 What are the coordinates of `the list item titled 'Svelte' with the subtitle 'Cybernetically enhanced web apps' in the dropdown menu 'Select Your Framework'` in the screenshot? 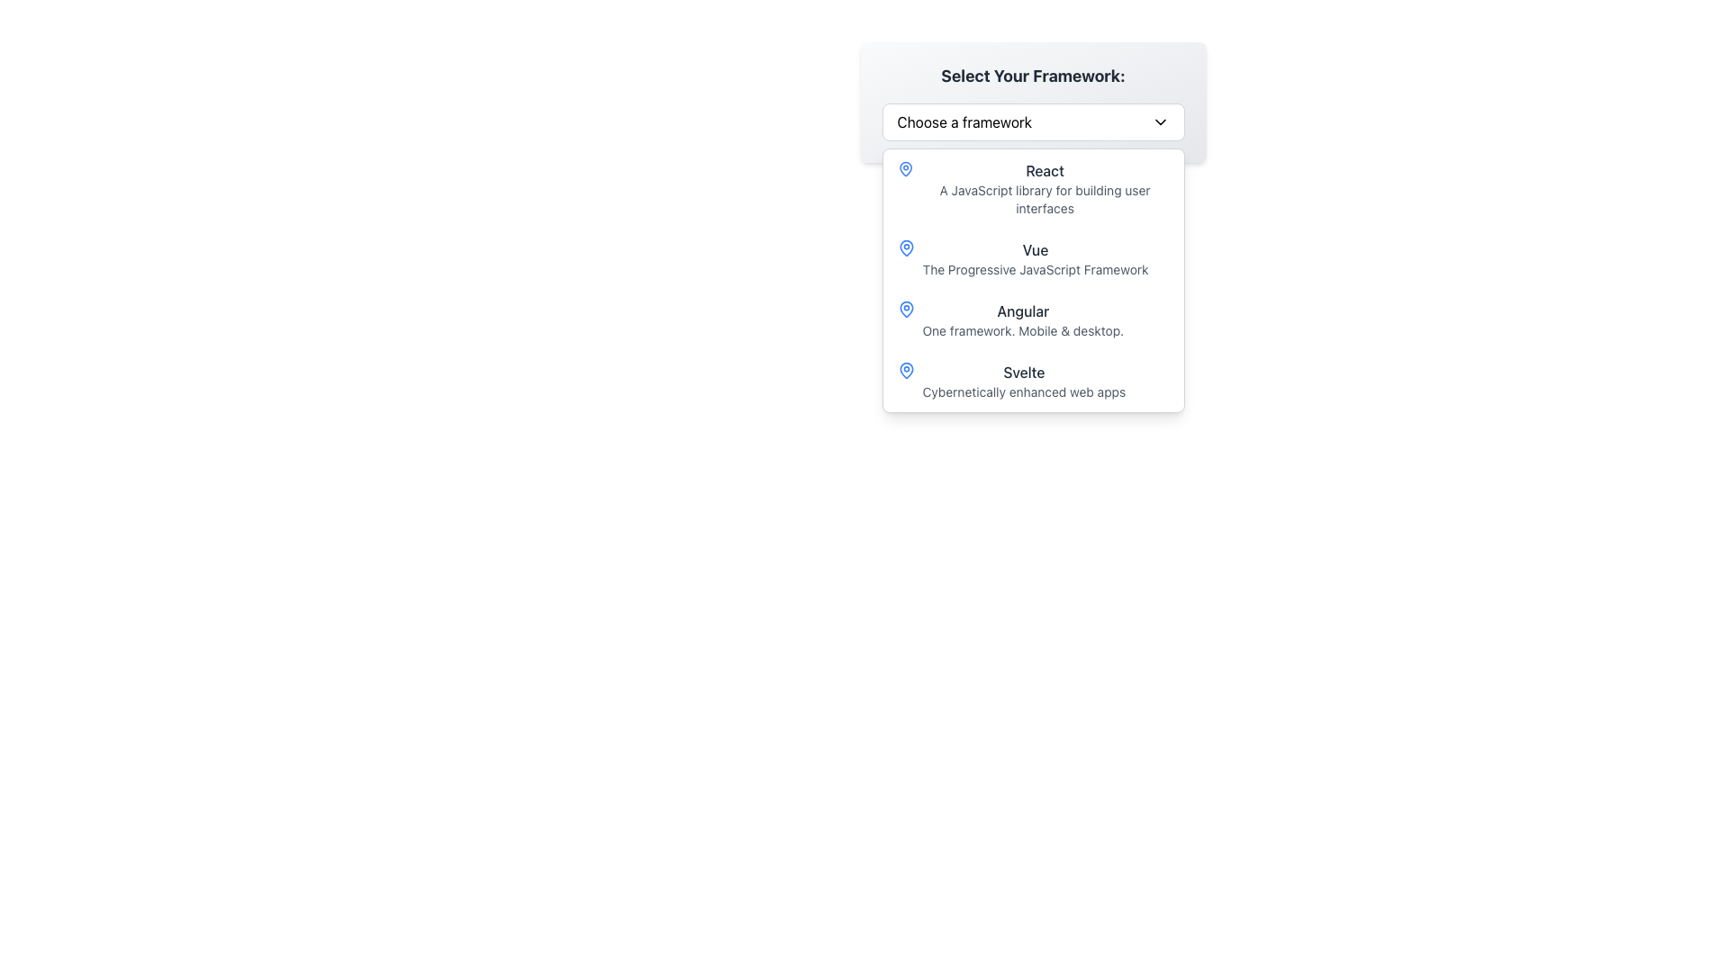 It's located at (1033, 381).